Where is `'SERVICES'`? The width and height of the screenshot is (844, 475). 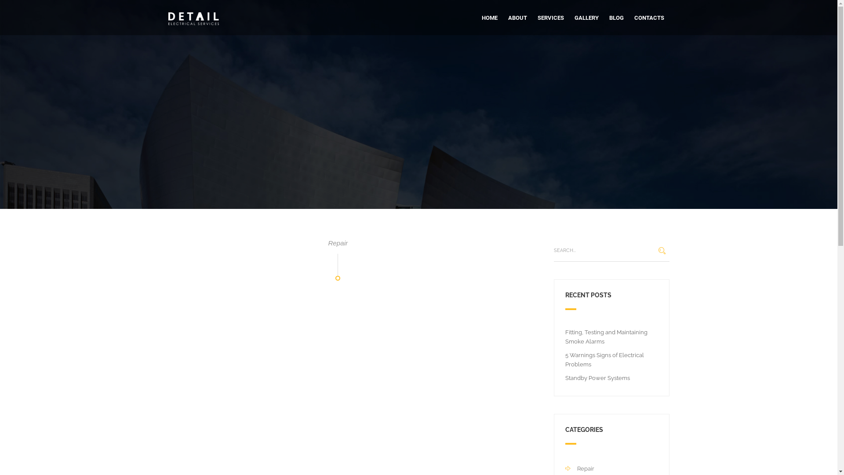
'SERVICES' is located at coordinates (550, 18).